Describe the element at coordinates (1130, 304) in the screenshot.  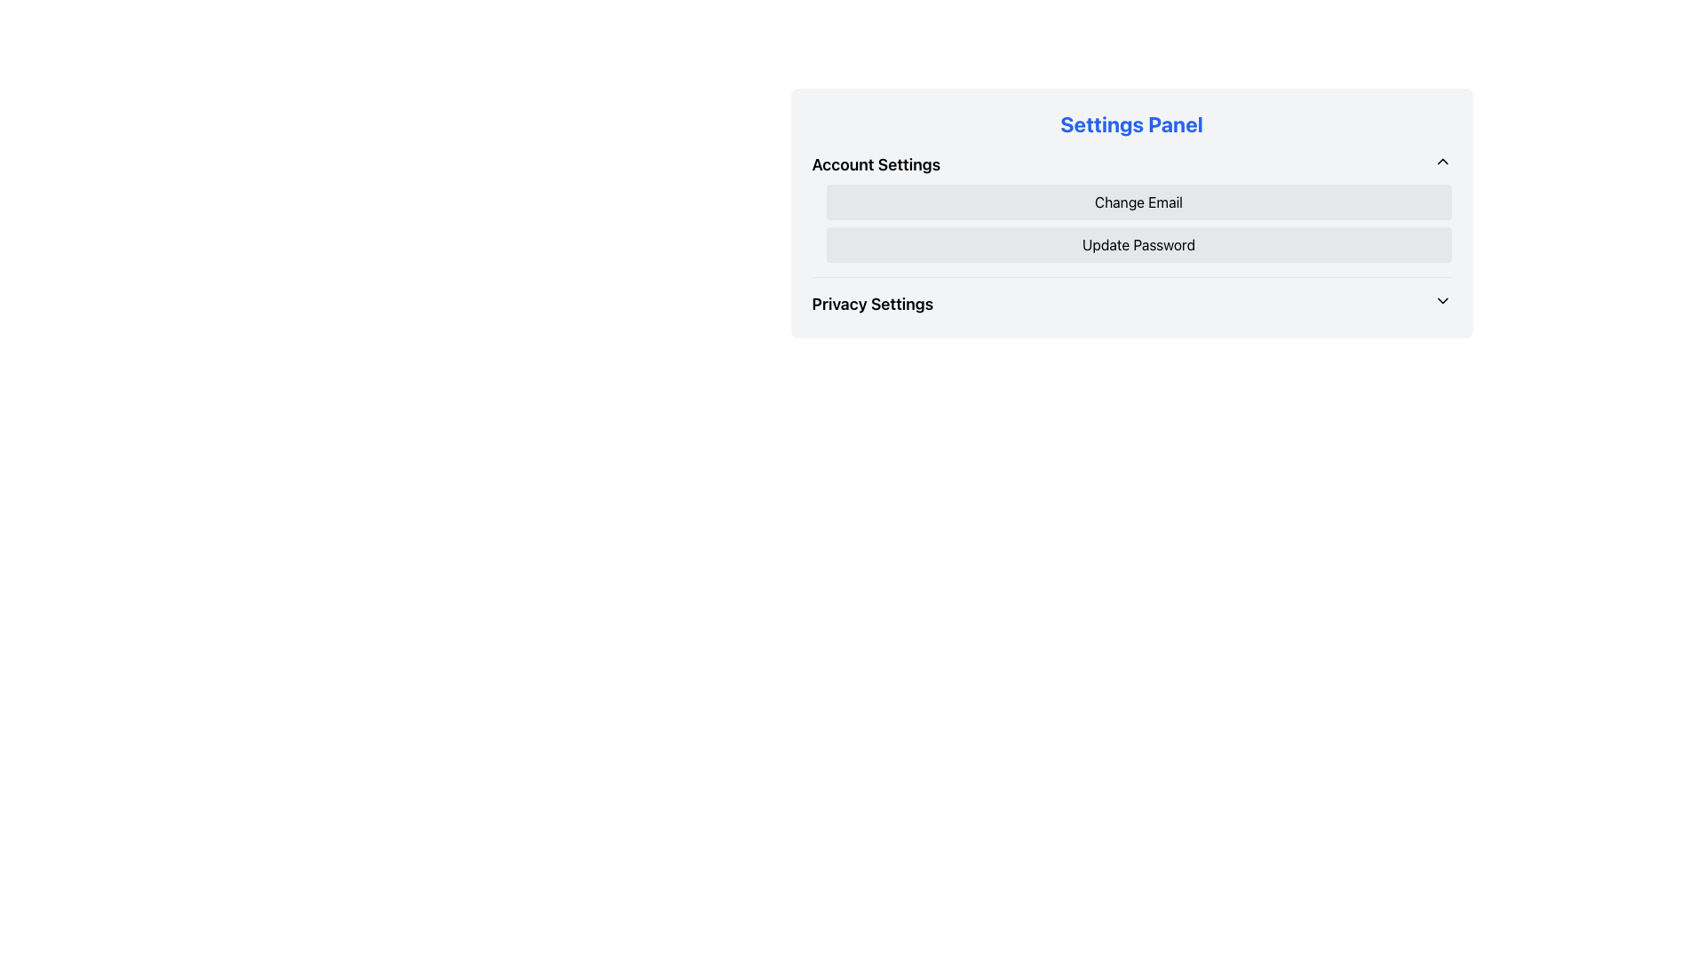
I see `the 'Privacy Settings' button located at the bottom of the settings panel` at that location.